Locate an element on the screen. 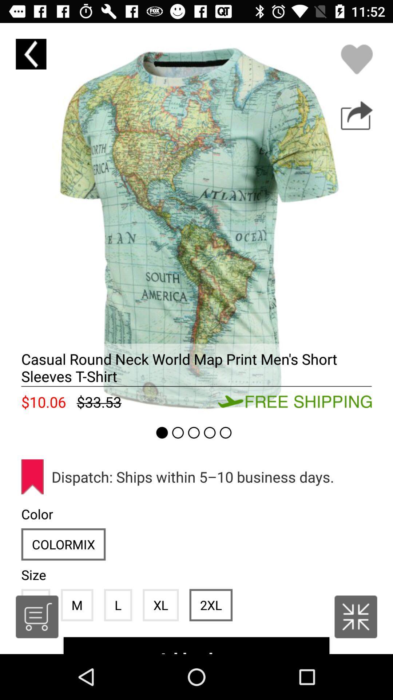 The width and height of the screenshot is (393, 700). see closeup view is located at coordinates (196, 219).